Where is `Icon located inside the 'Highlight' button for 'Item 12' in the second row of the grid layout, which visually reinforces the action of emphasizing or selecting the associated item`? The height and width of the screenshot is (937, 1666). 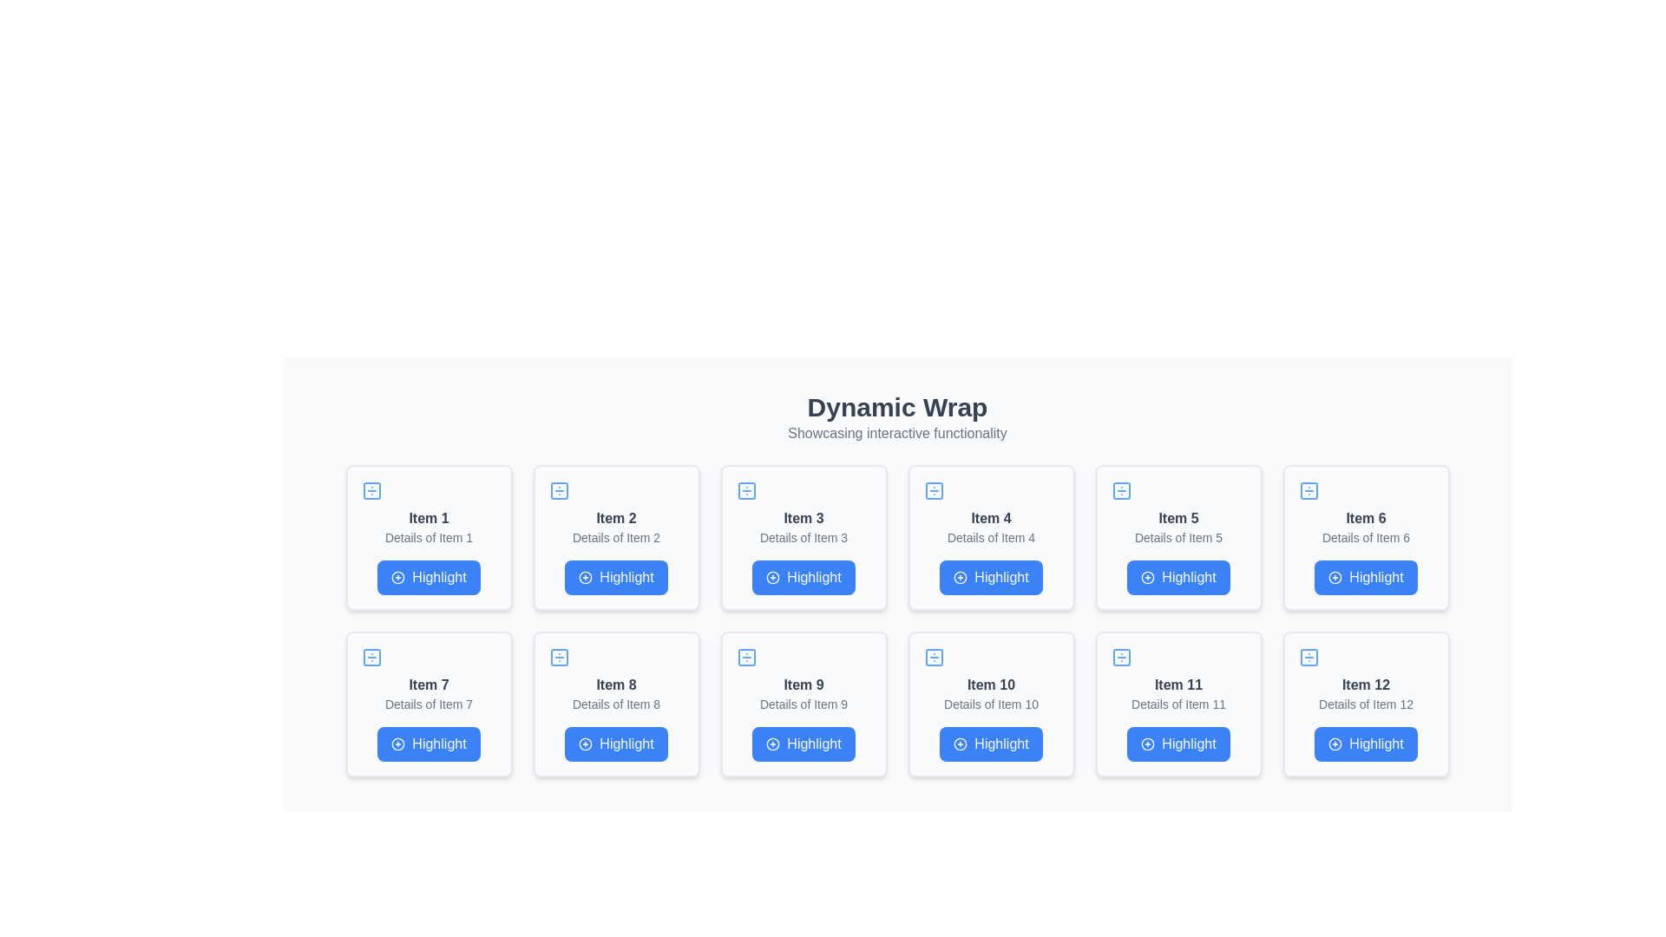 Icon located inside the 'Highlight' button for 'Item 12' in the second row of the grid layout, which visually reinforces the action of emphasizing or selecting the associated item is located at coordinates (1335, 743).